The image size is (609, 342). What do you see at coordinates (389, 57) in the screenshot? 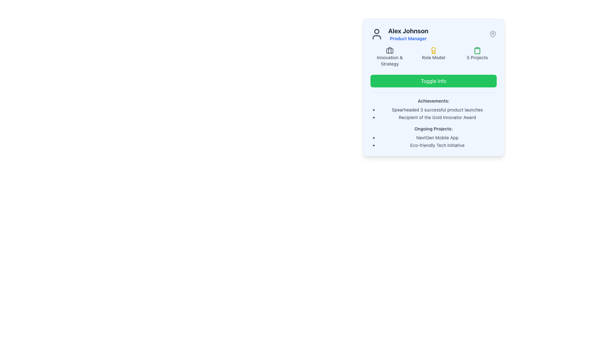
I see `the badge indicator that features a gray briefcase icon with the text 'Innovation & Strategy' below it, located in the leftmost column of the grid layout in the user profile card` at bounding box center [389, 57].